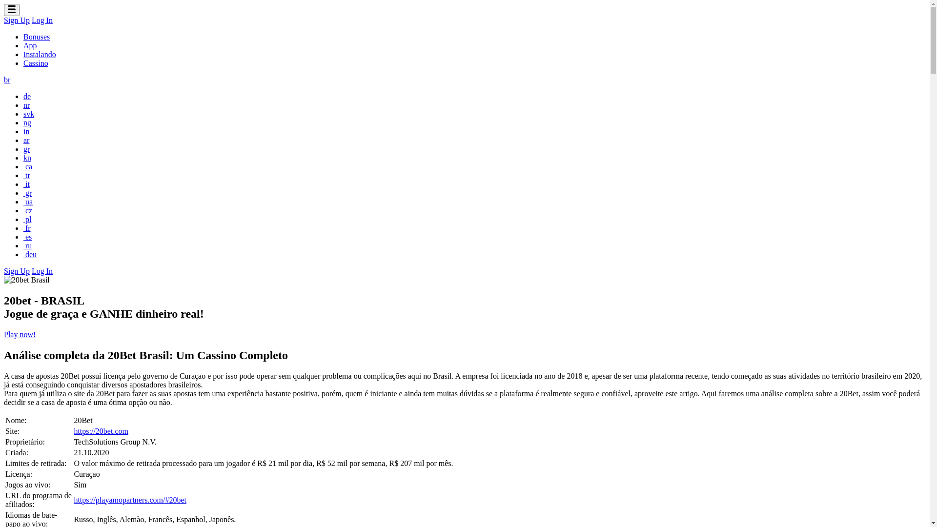 This screenshot has height=527, width=937. I want to click on 'Log In', so click(41, 271).